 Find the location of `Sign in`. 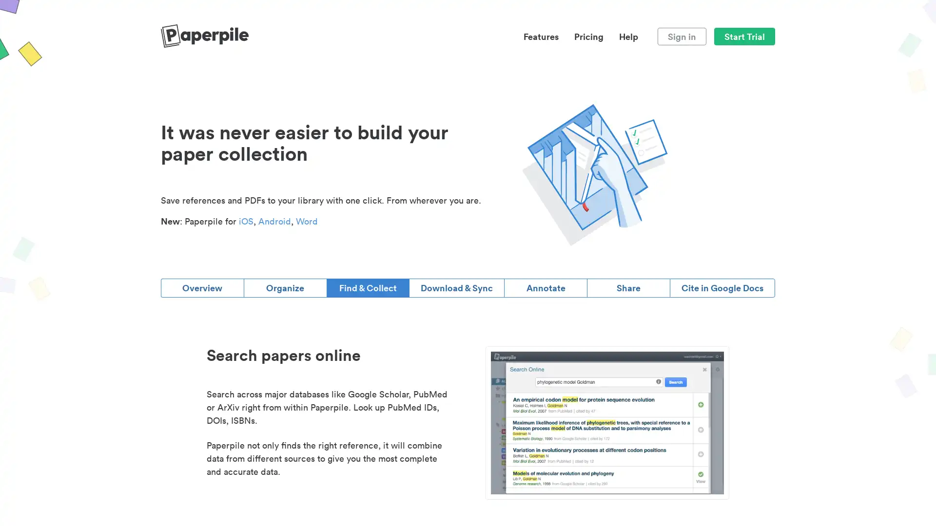

Sign in is located at coordinates (681, 36).